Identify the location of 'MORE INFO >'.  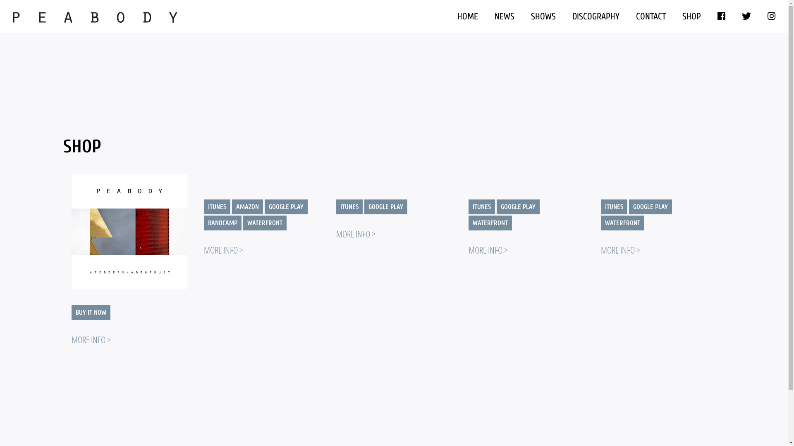
(91, 339).